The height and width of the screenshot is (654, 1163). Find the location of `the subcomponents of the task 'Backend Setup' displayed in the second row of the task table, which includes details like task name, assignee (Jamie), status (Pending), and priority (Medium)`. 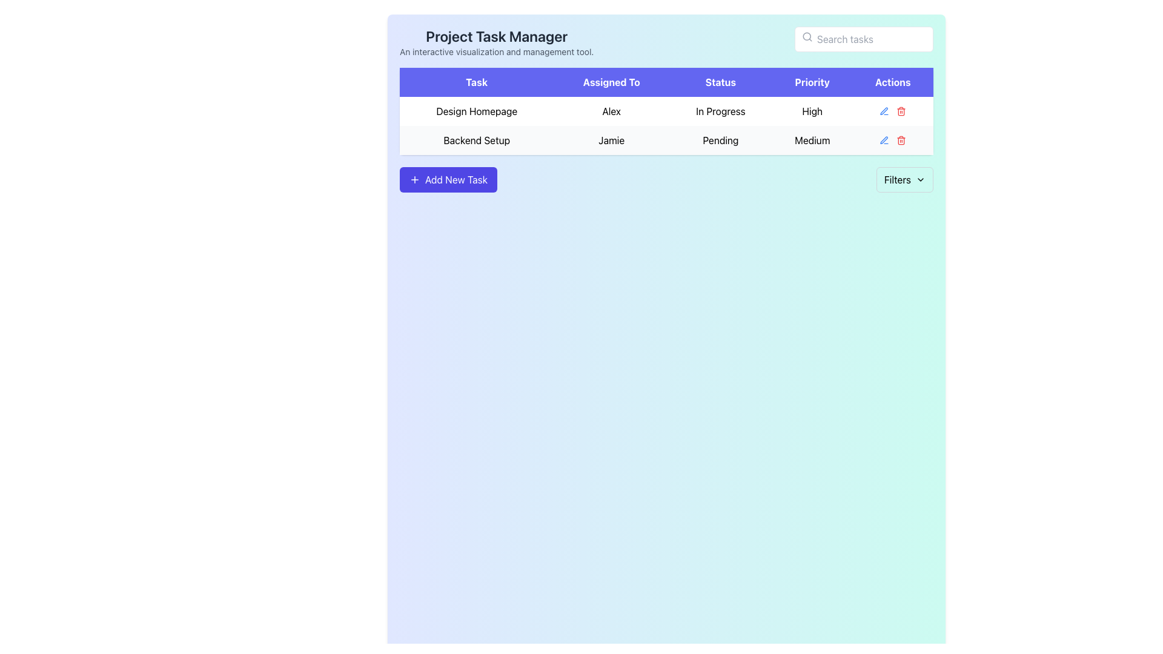

the subcomponents of the task 'Backend Setup' displayed in the second row of the task table, which includes details like task name, assignee (Jamie), status (Pending), and priority (Medium) is located at coordinates (666, 139).